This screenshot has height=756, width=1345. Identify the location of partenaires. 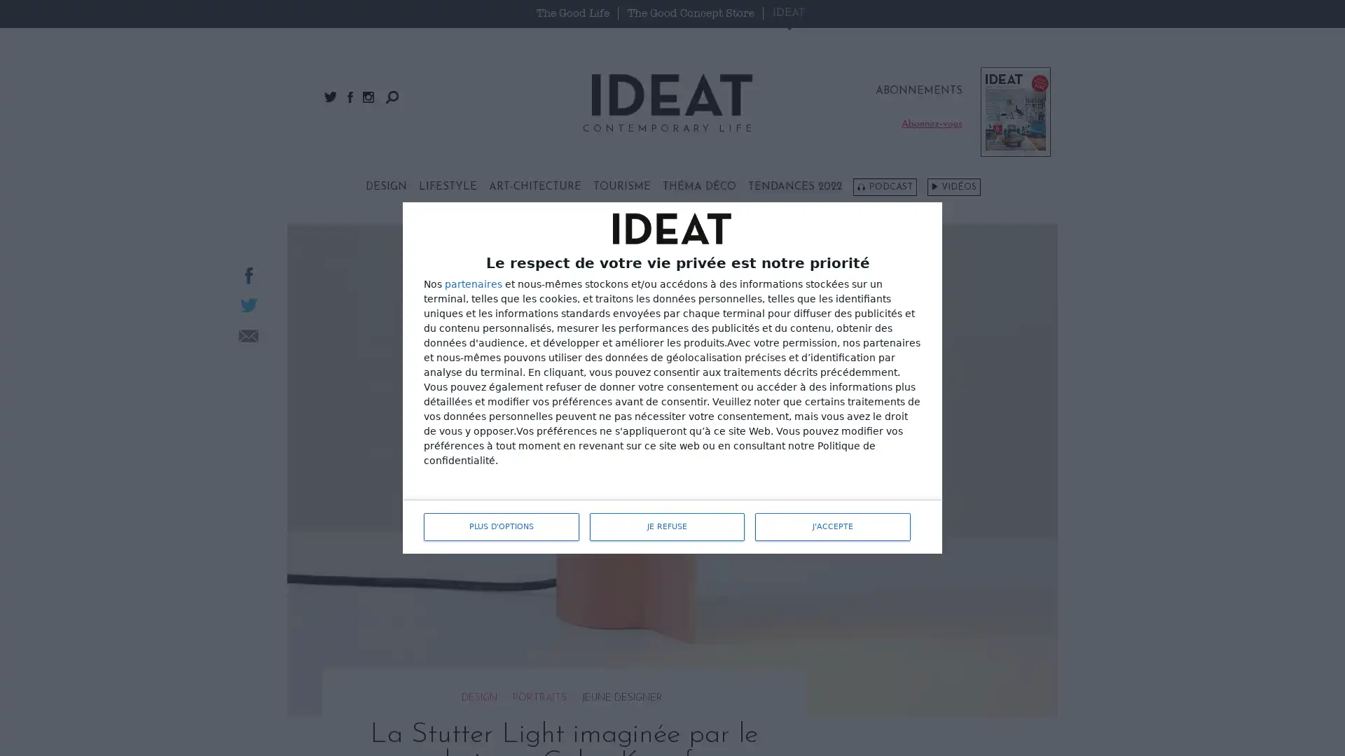
(474, 283).